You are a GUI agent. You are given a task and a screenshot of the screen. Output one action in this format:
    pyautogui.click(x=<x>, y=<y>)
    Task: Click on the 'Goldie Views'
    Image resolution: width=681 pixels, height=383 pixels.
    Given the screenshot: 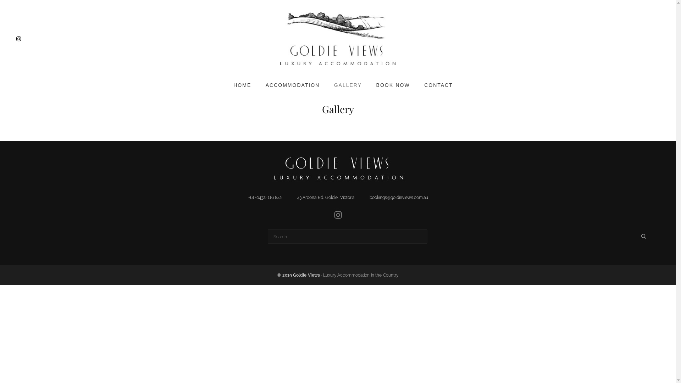 What is the action you would take?
    pyautogui.click(x=280, y=39)
    